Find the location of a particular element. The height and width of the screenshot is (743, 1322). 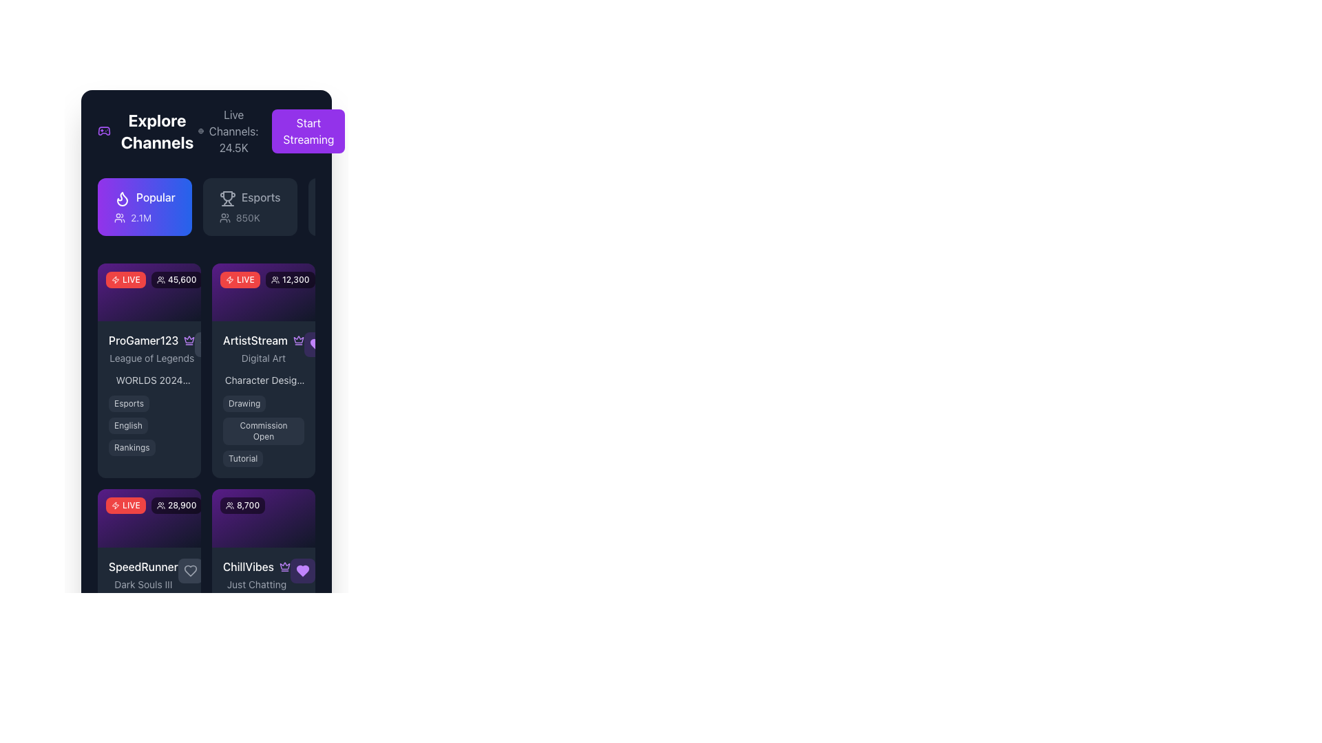

text content of the label that identifies the channel name 'ArtistStream', located in the second column below the header indicating popularity is located at coordinates (264, 341).